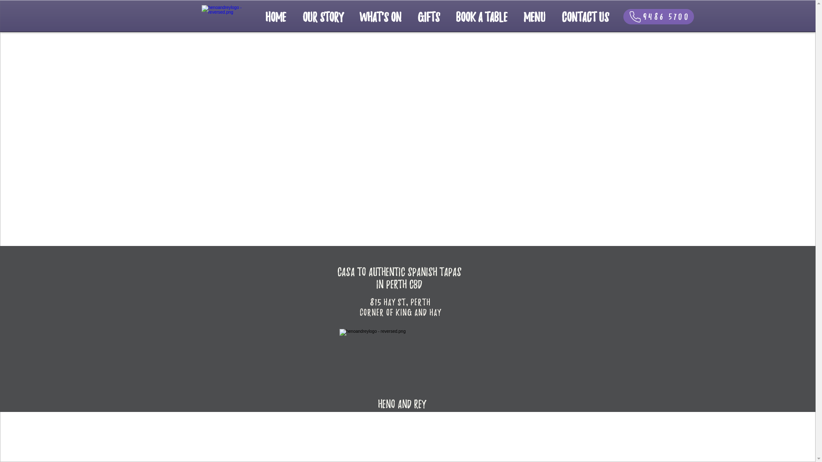  Describe the element at coordinates (481, 16) in the screenshot. I see `'BOOK A TABLE'` at that location.